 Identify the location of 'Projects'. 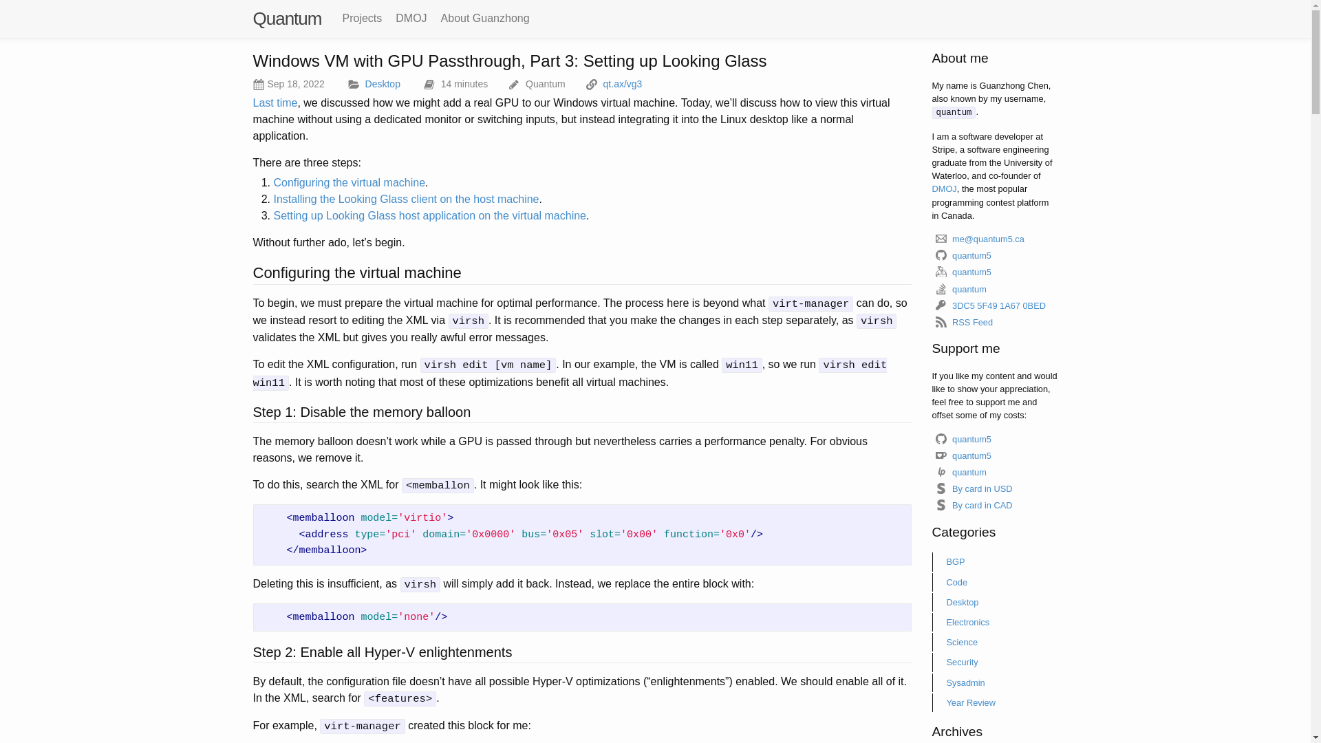
(362, 18).